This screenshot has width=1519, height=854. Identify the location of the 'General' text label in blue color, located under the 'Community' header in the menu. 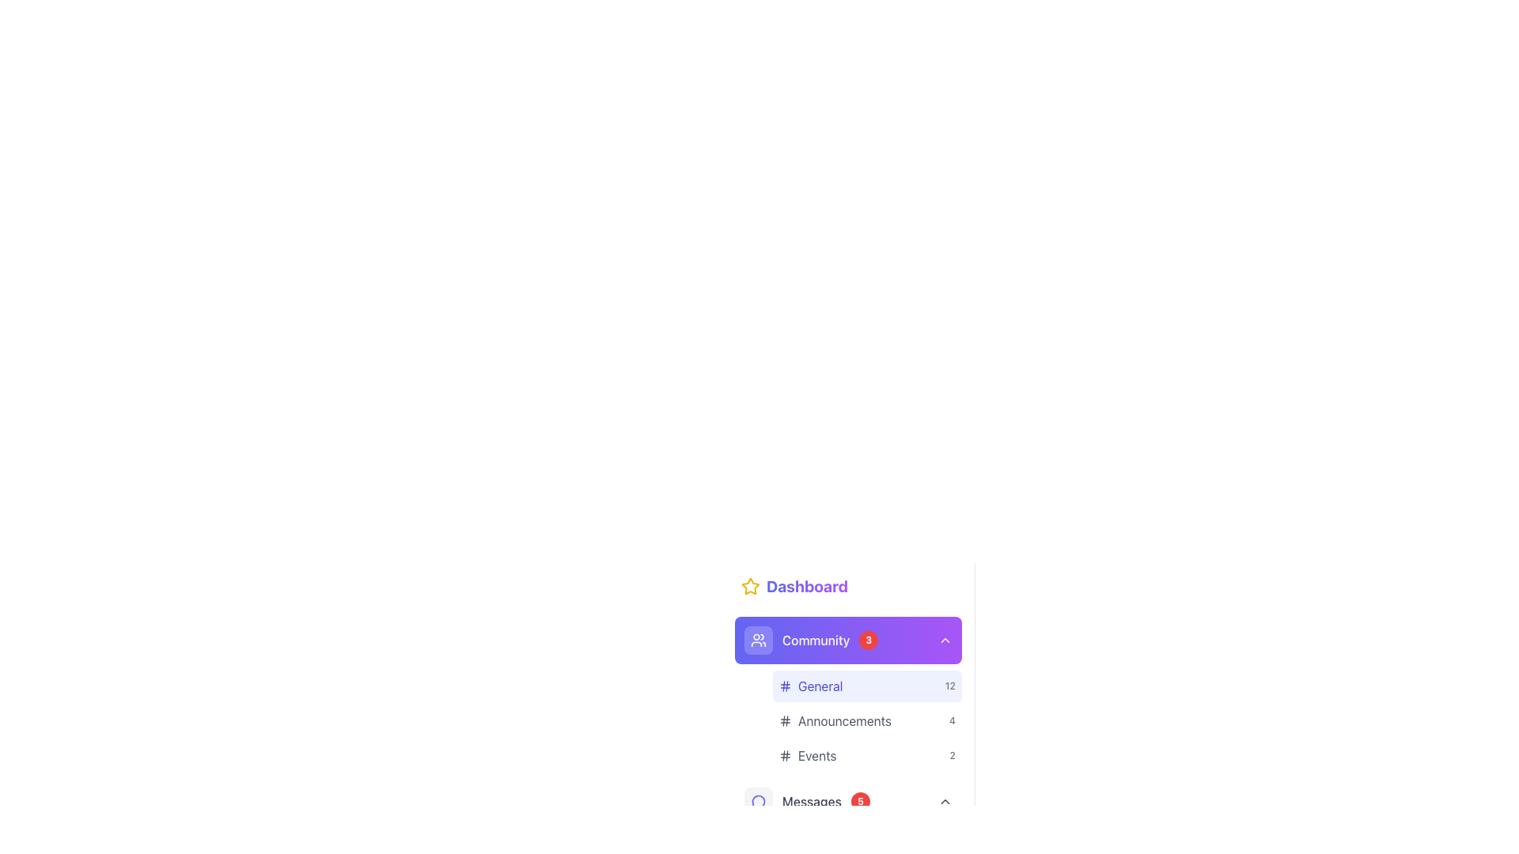
(820, 685).